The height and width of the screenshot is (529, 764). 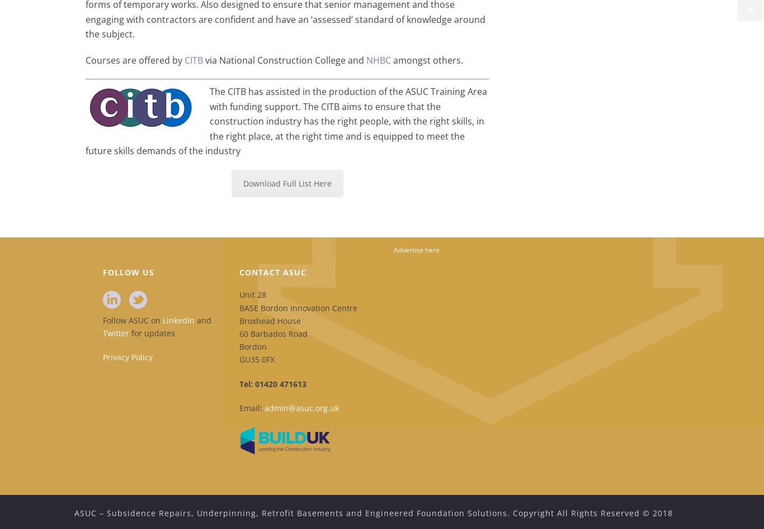 I want to click on 'NHBC', so click(x=378, y=59).